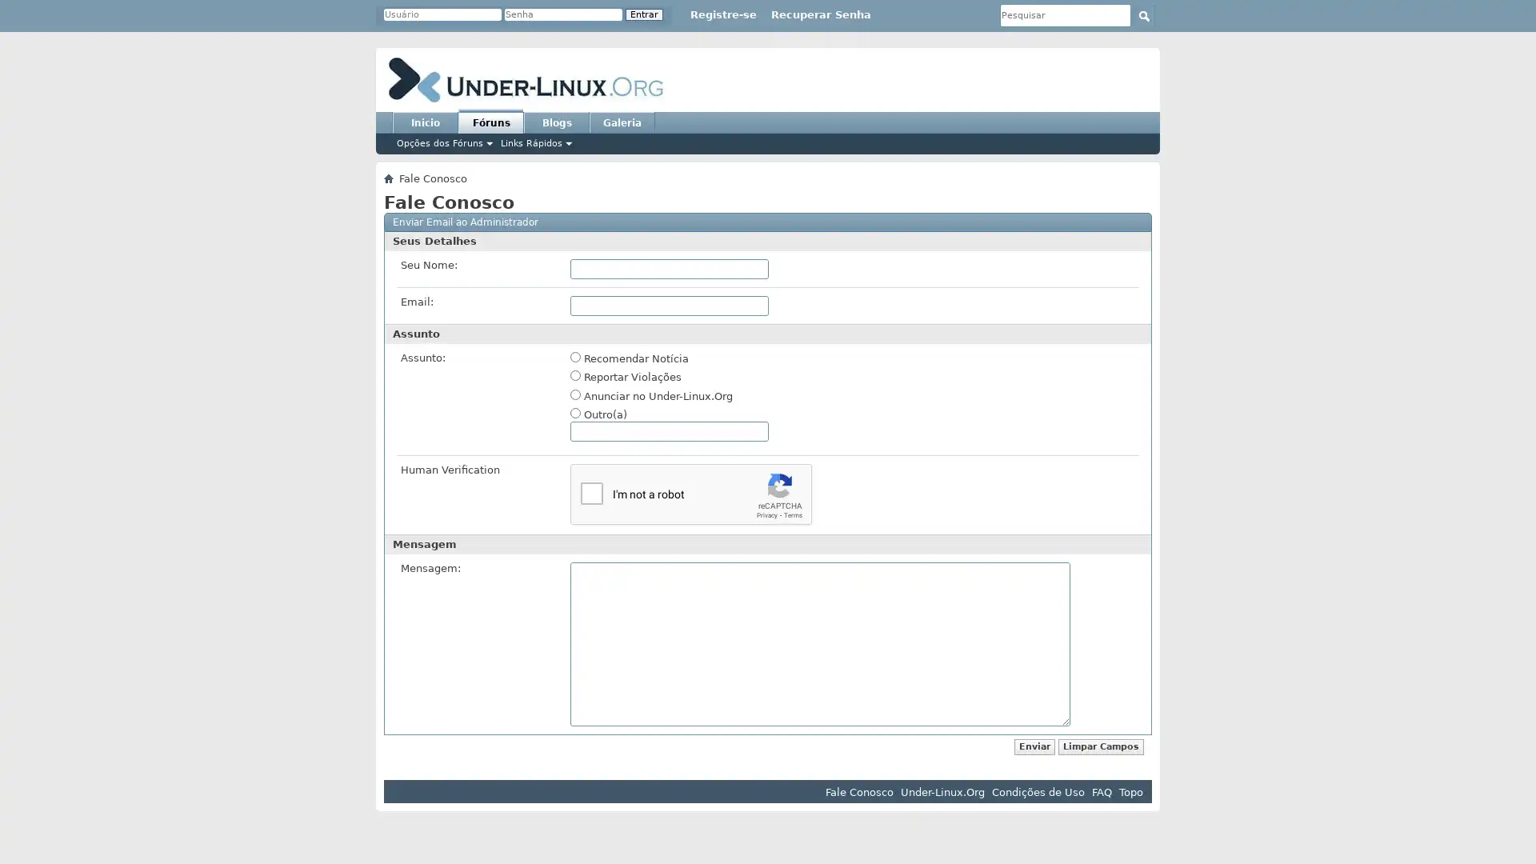 This screenshot has height=864, width=1536. Describe the element at coordinates (1100, 746) in the screenshot. I see `Limpar Campos` at that location.